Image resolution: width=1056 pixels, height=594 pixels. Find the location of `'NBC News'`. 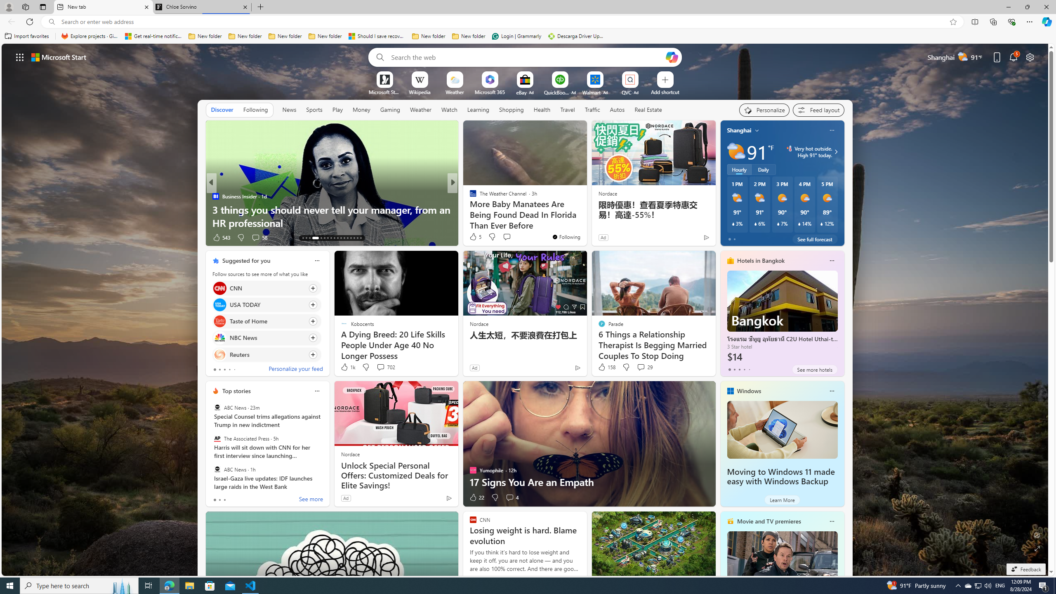

'NBC News' is located at coordinates (219, 338).